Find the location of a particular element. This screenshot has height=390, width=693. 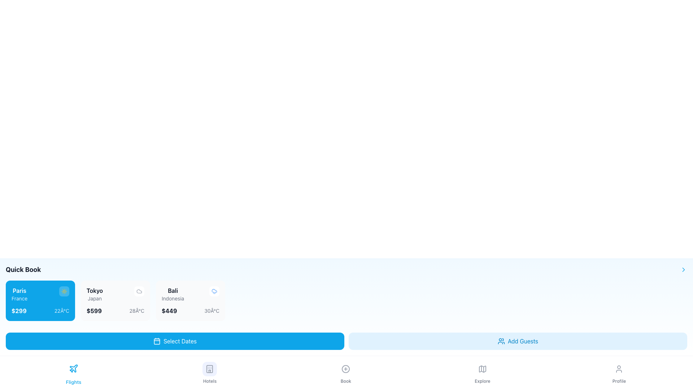

the first card with a blue background containing location and price information, labeled 'Paris France $299 22°C' is located at coordinates (40, 301).